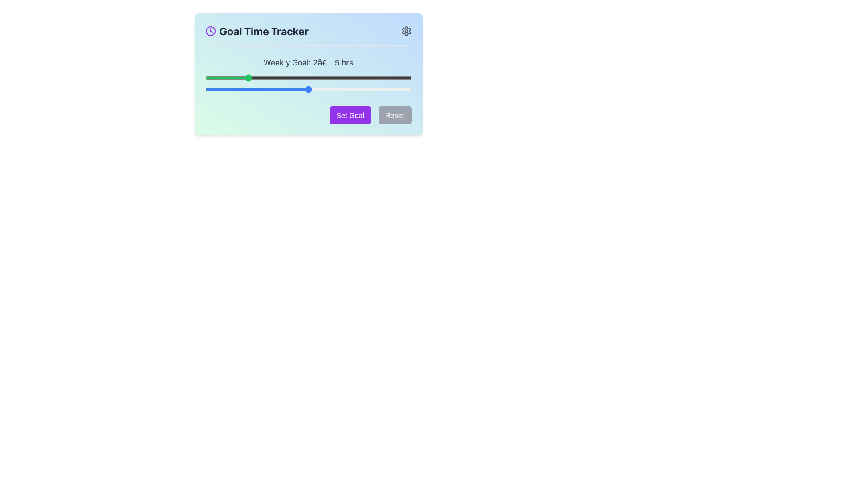  Describe the element at coordinates (406, 30) in the screenshot. I see `the gear-shaped icon located in the top-right corner next to 'Goal Time Tracker'` at that location.